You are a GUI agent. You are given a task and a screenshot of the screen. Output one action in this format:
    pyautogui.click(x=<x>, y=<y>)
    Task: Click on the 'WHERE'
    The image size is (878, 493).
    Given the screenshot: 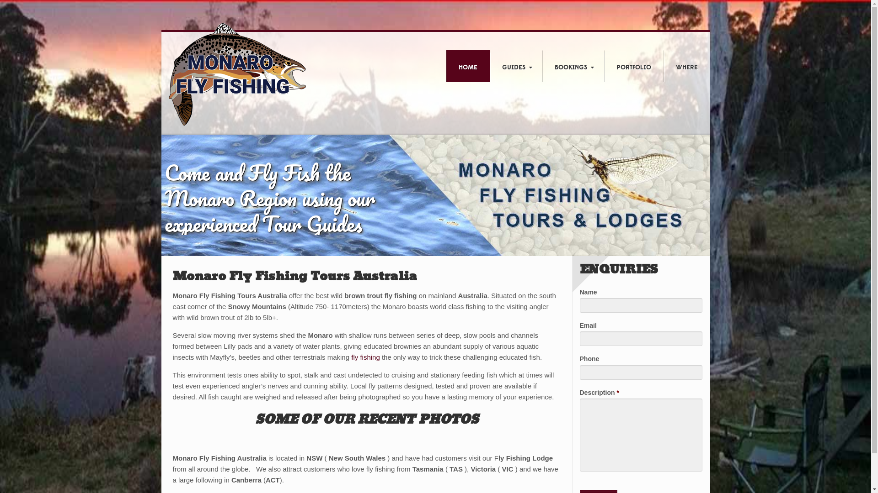 What is the action you would take?
    pyautogui.click(x=687, y=67)
    